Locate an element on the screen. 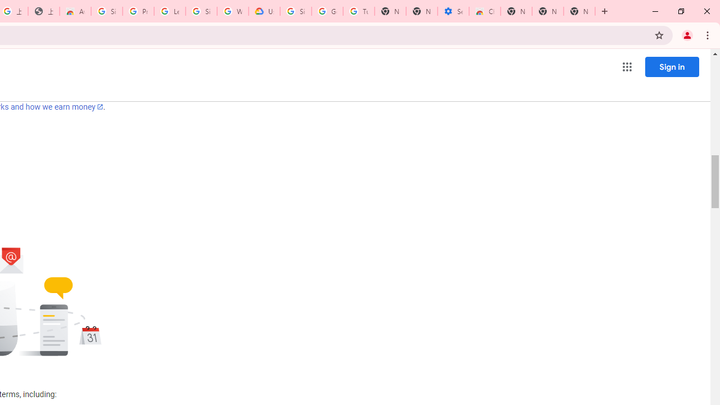  'Who are Google' is located at coordinates (232, 11).